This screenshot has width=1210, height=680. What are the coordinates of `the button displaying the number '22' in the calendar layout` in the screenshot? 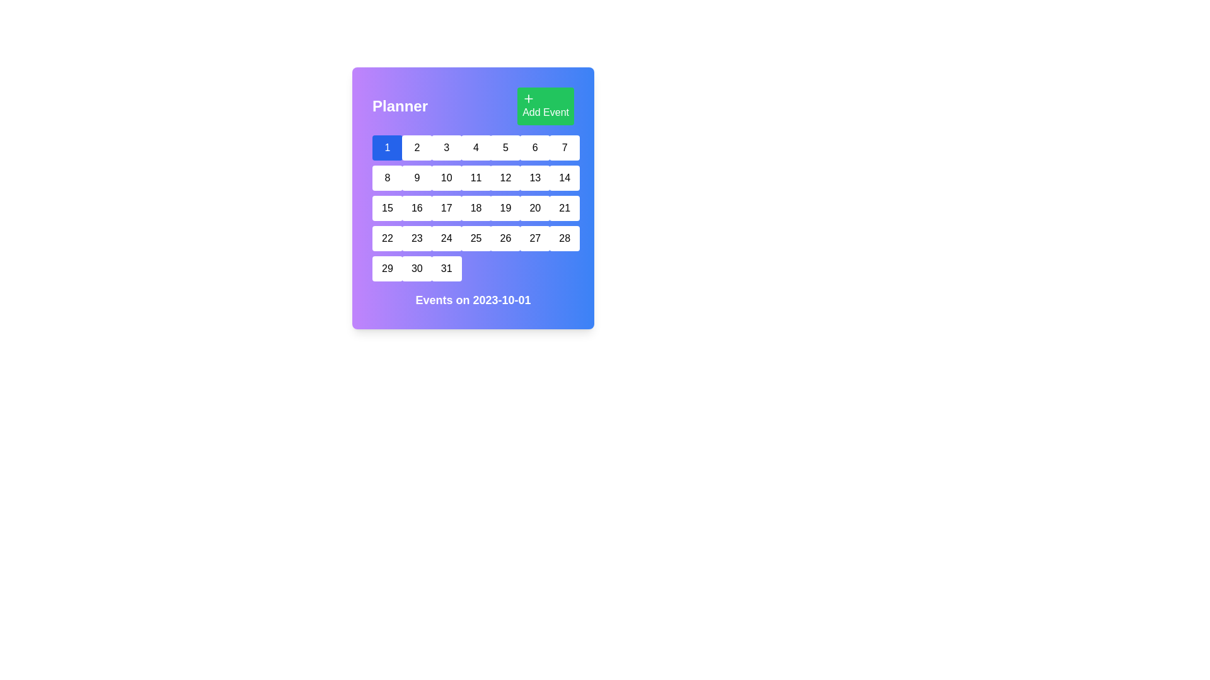 It's located at (386, 238).